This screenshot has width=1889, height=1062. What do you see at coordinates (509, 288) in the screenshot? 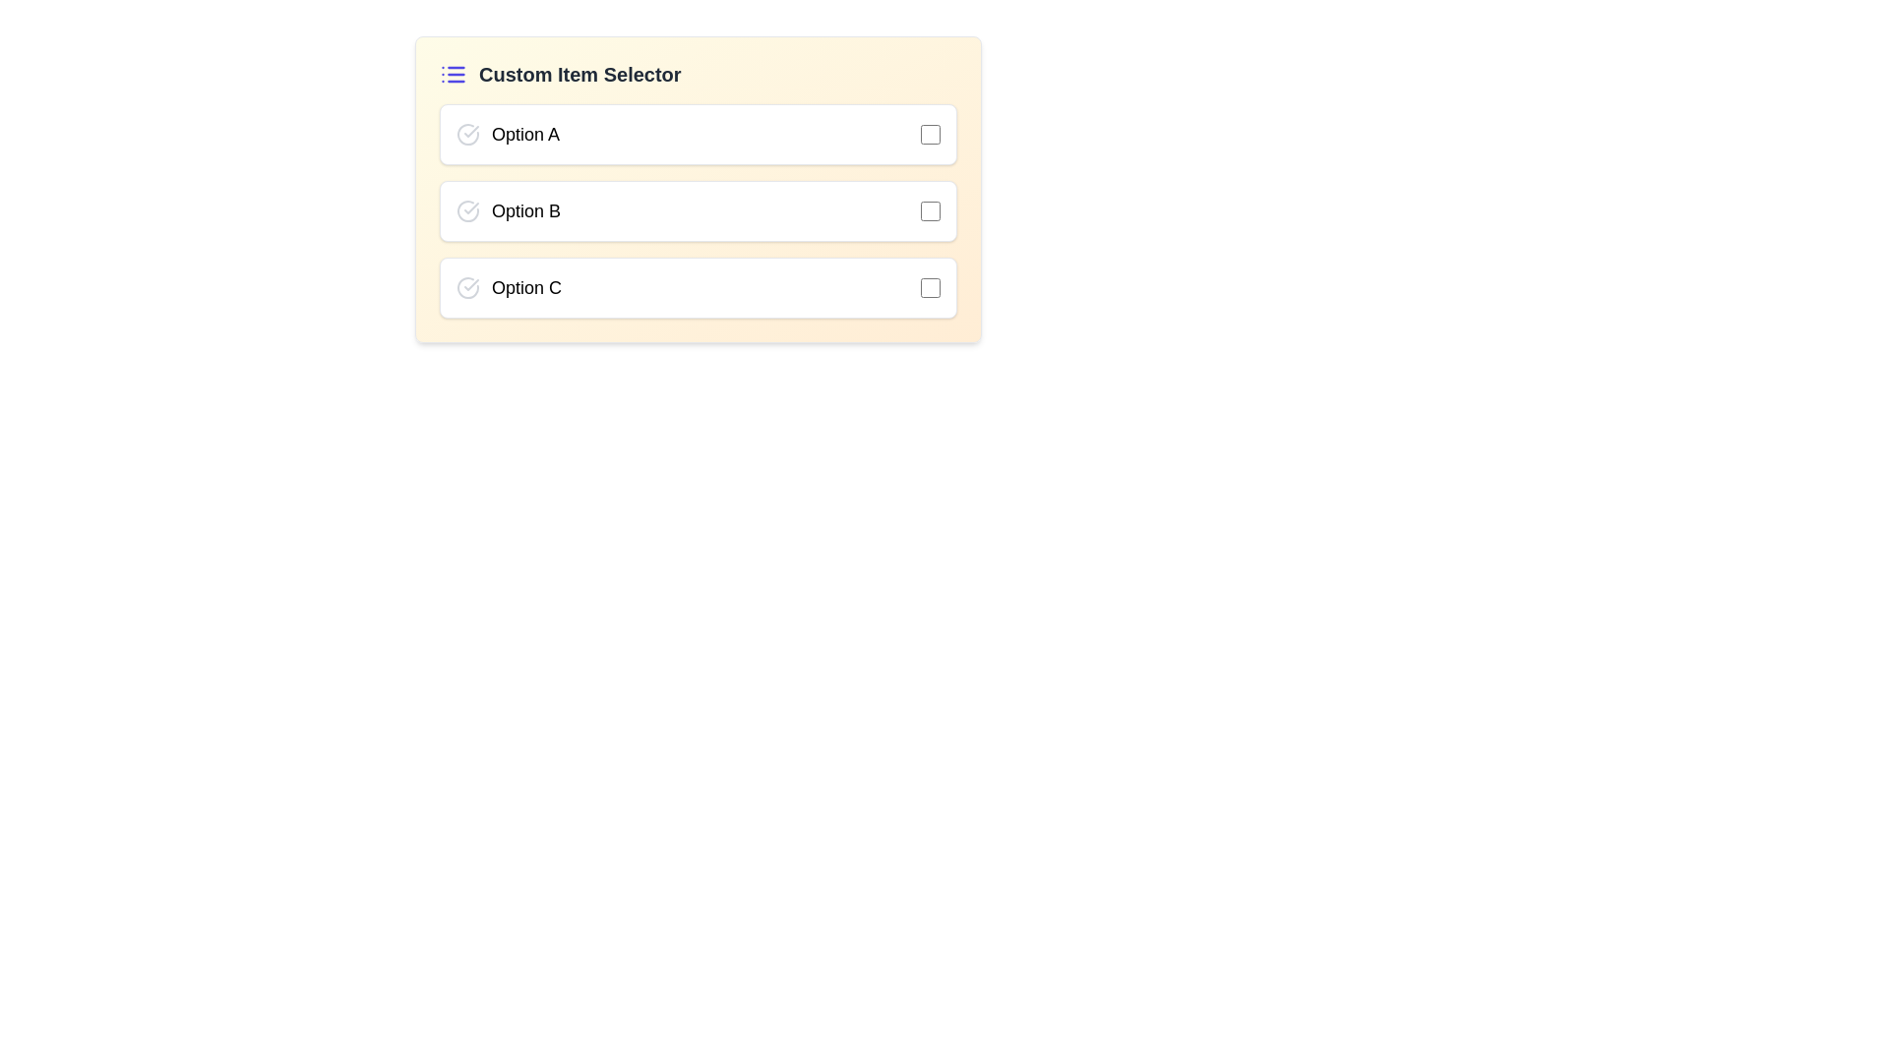
I see `label 'Option C' which is styled with a medium font weight and large size, accompanied by a circular icon with a checkmark on its left, located in the third position of the 'Custom Item Selector' list` at bounding box center [509, 288].